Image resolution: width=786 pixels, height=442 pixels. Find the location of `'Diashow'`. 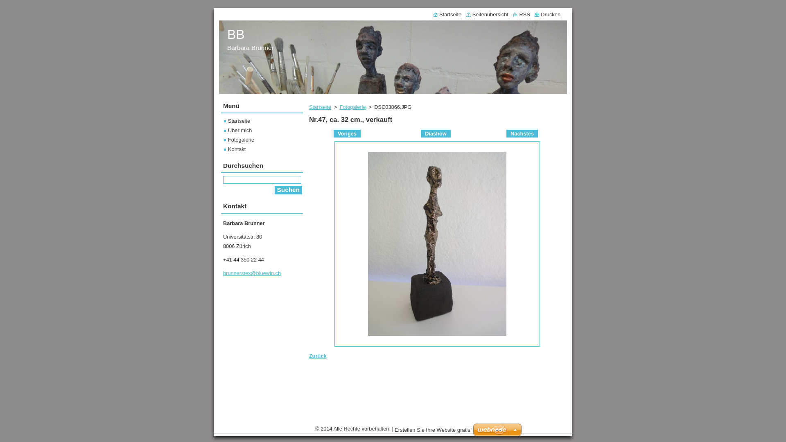

'Diashow' is located at coordinates (420, 133).